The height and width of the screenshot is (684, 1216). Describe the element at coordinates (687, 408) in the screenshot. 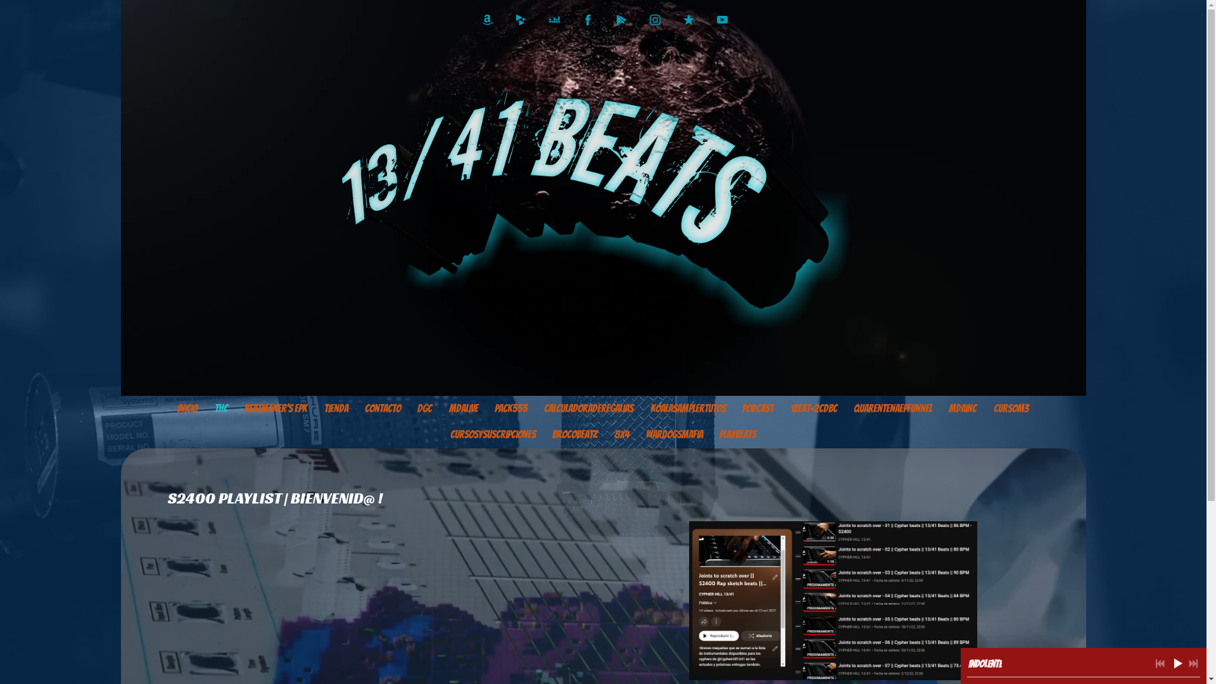

I see `'KoalaSamplerTutos'` at that location.